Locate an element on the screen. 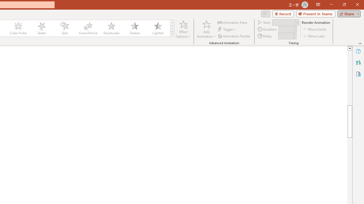 The width and height of the screenshot is (364, 204). 'Grow/Shrink' is located at coordinates (88, 28).